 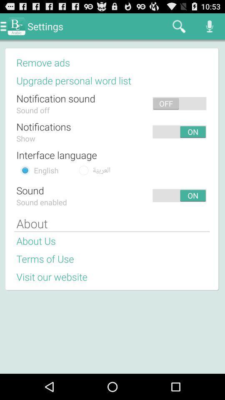 I want to click on the item below notifications app, so click(x=26, y=138).